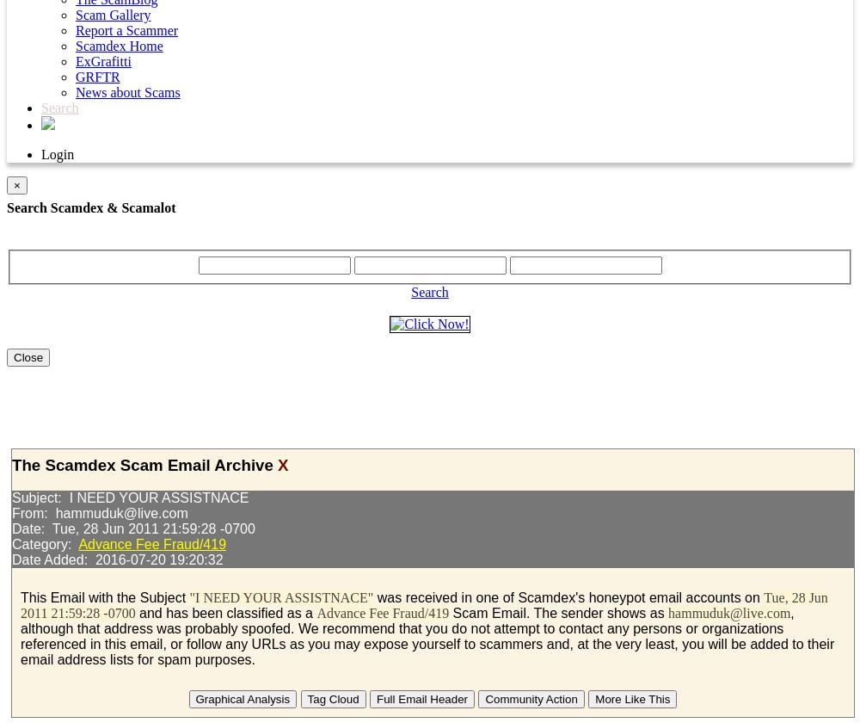 Image resolution: width=860 pixels, height=723 pixels. I want to click on 'ExGrafitti', so click(102, 61).